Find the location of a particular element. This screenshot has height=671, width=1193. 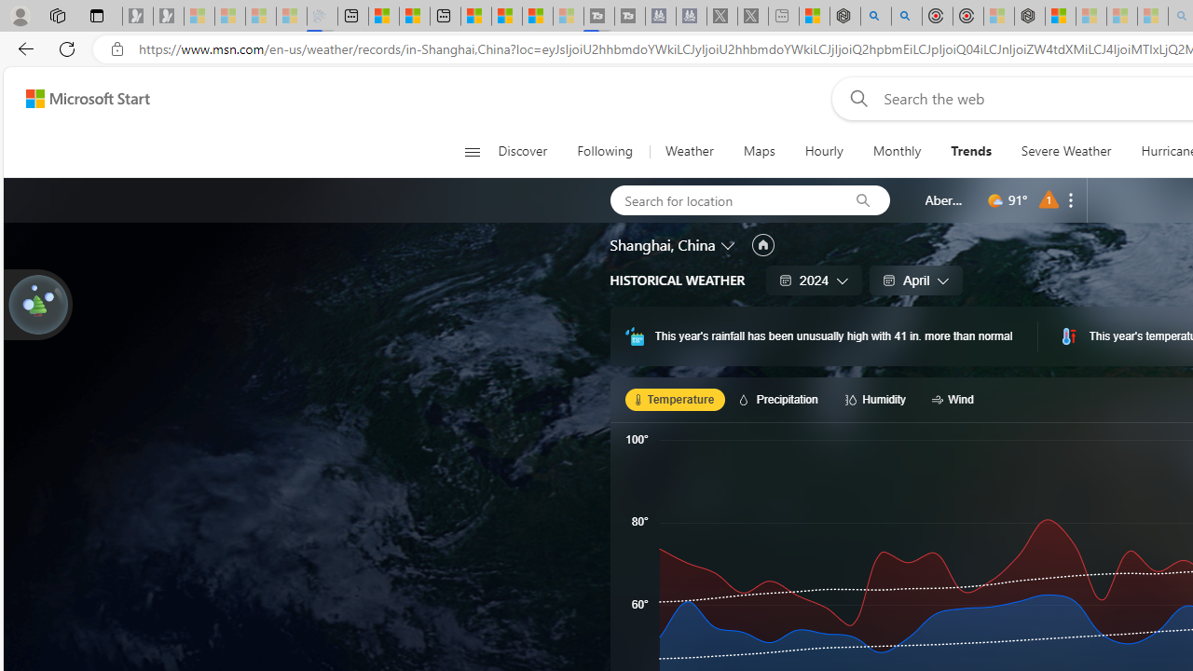

'poe ++ standard - Search' is located at coordinates (907, 16).